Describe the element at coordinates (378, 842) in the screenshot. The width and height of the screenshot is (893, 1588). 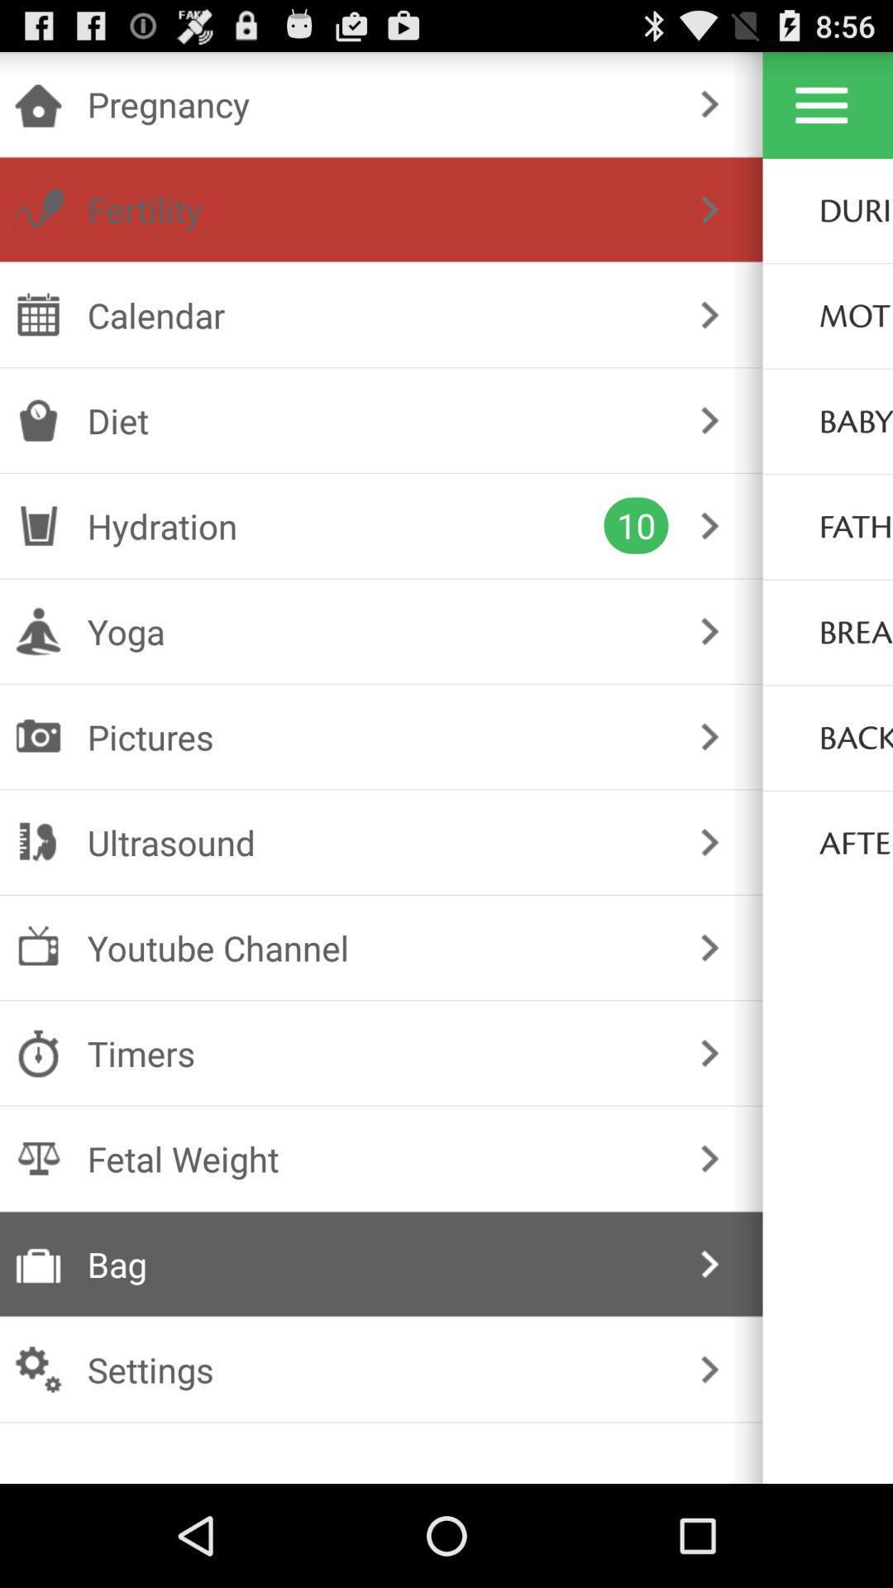
I see `the ultrasound checkbox` at that location.